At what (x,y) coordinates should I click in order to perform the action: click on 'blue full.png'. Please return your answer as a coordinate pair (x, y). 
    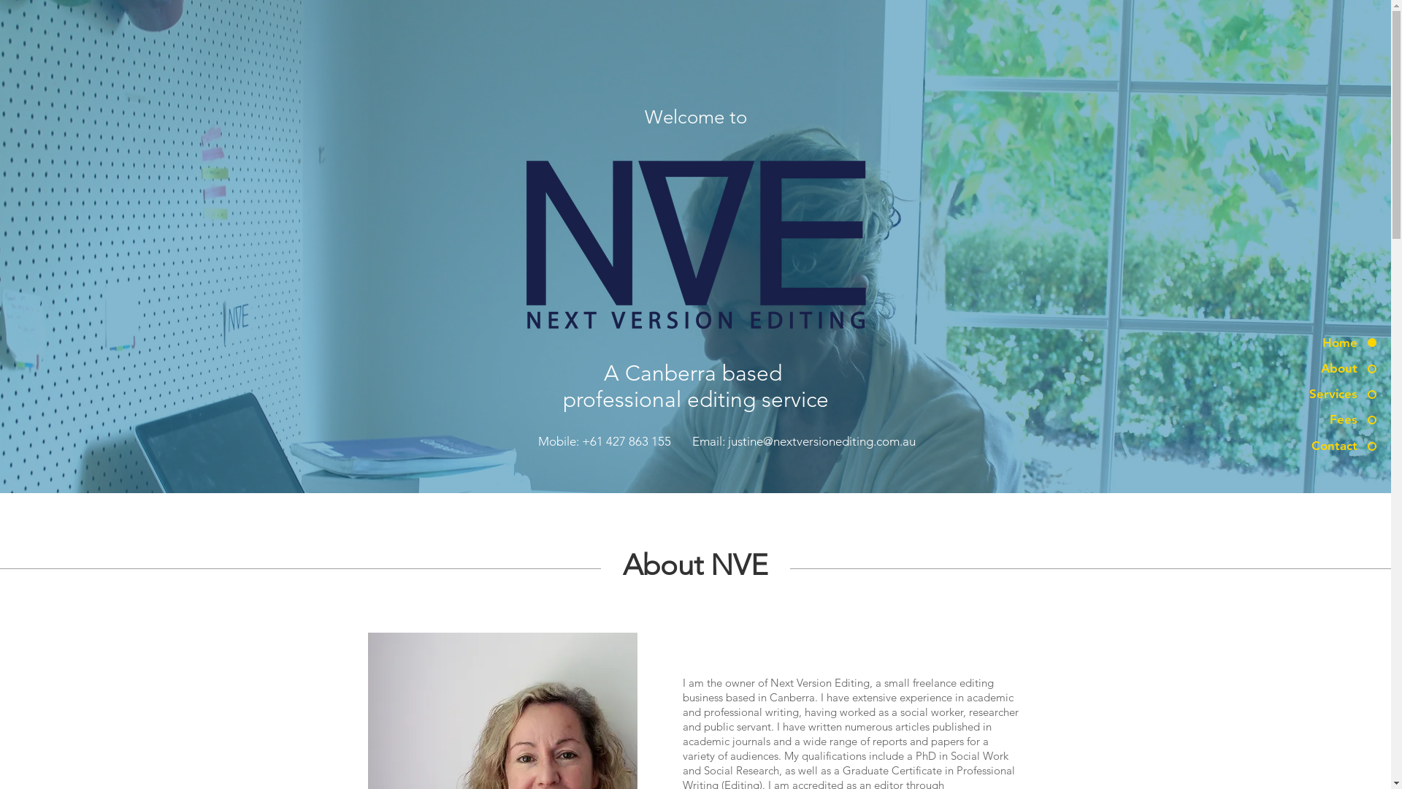
    Looking at the image, I should click on (694, 242).